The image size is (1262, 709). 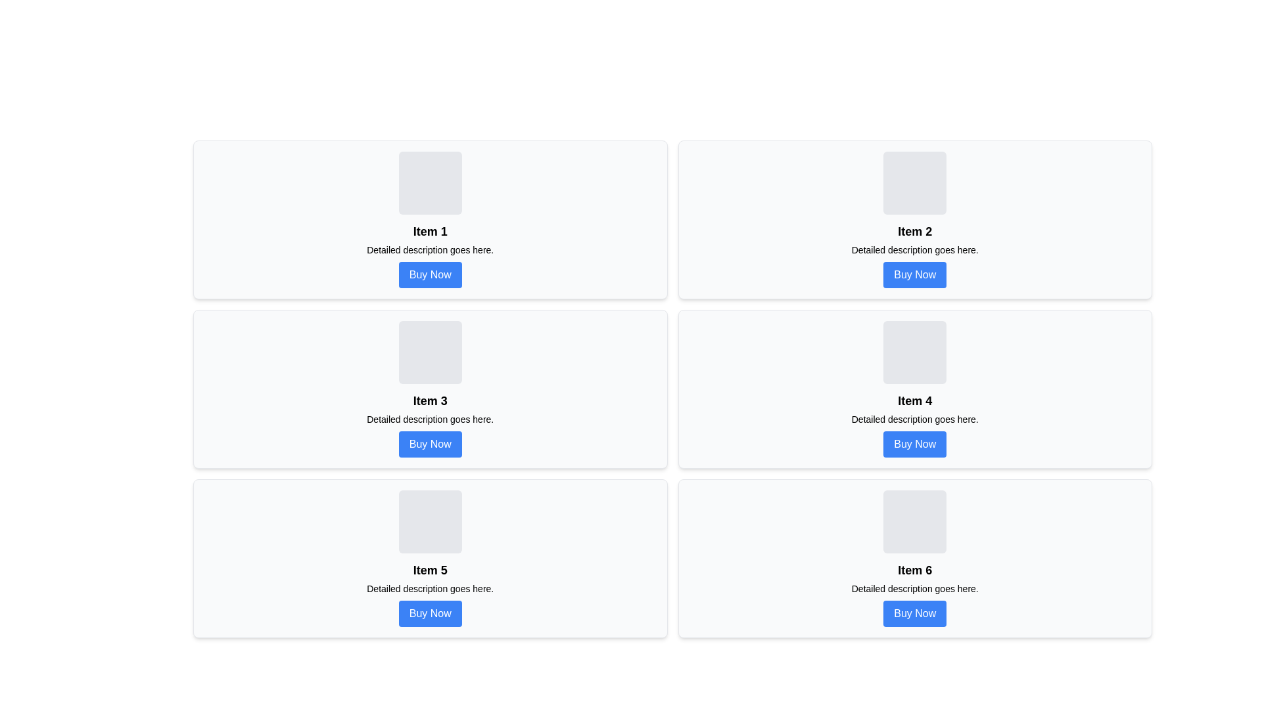 I want to click on the 'Buy Now' button, which is a rectangular button with a blue background and white text, located in the first card labeled 'Item 1', so click(x=430, y=274).